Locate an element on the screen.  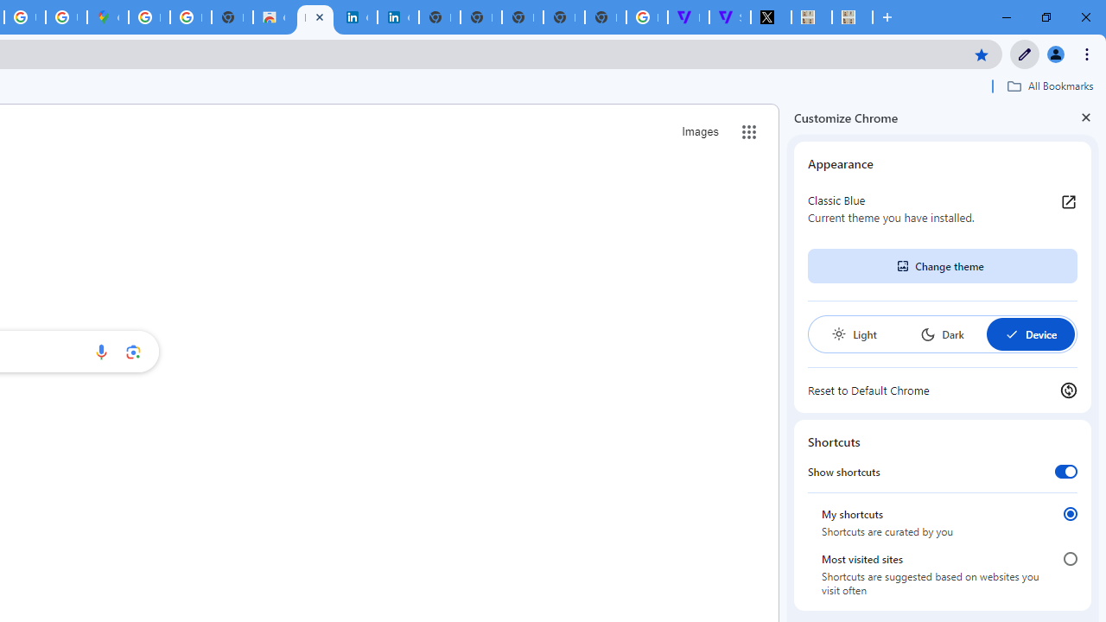
'Dark' is located at coordinates (941, 334).